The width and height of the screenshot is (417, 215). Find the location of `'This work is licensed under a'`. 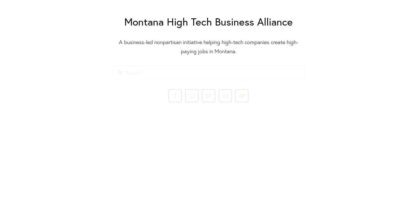

'This work is licensed under a' is located at coordinates (153, 132).